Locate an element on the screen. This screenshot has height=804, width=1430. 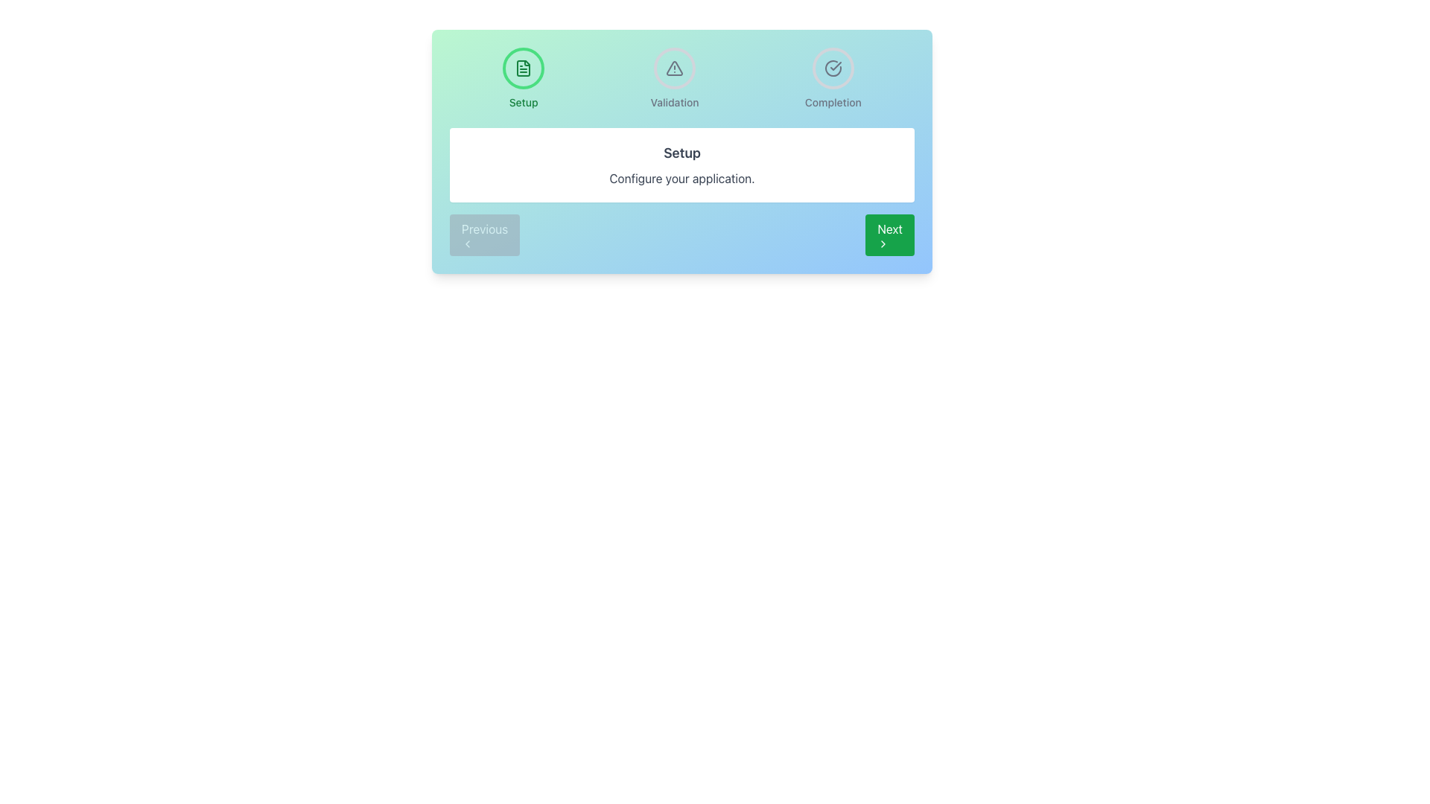
circular graphical component representing the 'Completion' step in the icon sequence at the top of the interface is located at coordinates (832, 68).